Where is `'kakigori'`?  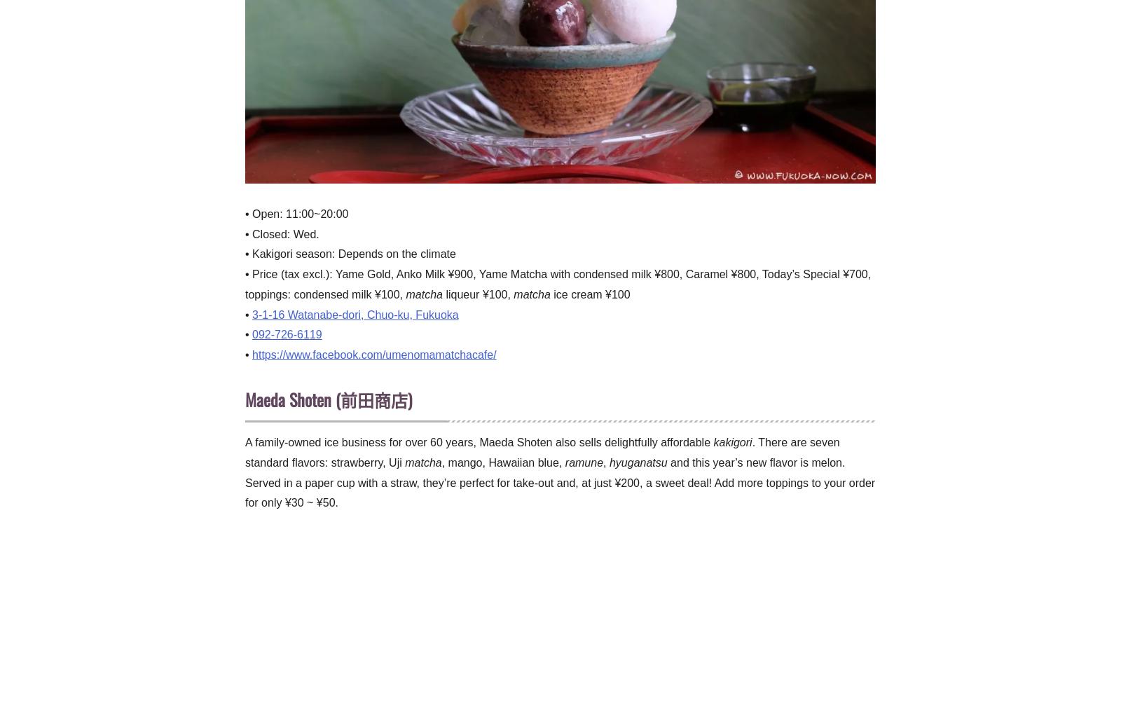
'kakigori' is located at coordinates (732, 442).